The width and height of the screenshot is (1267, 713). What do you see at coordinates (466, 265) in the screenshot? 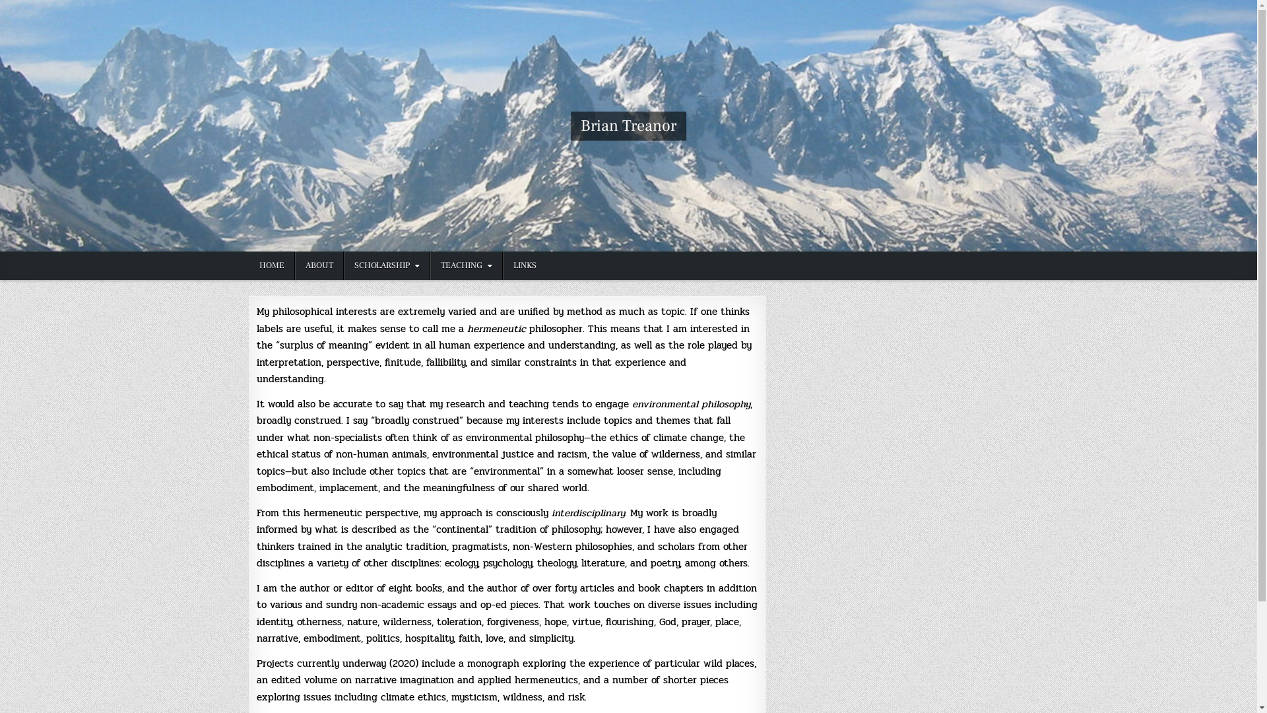
I see `'TEACHING'` at bounding box center [466, 265].